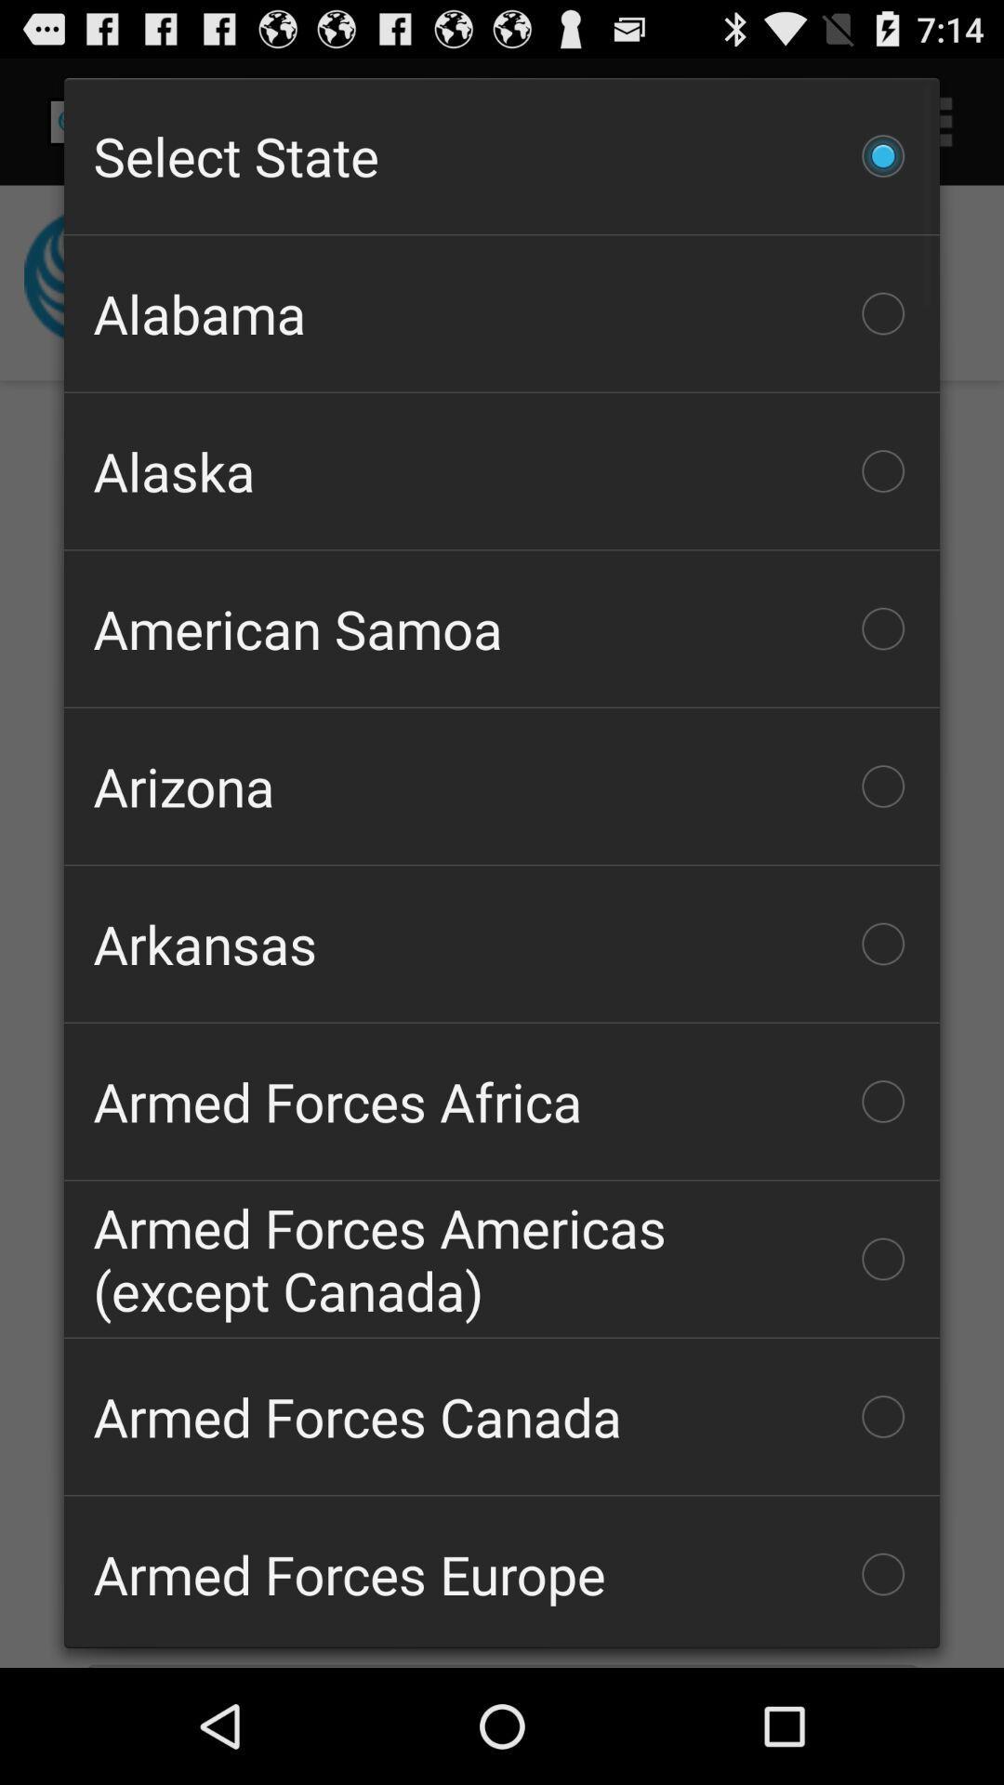  What do you see at coordinates (502, 156) in the screenshot?
I see `the select state checkbox` at bounding box center [502, 156].